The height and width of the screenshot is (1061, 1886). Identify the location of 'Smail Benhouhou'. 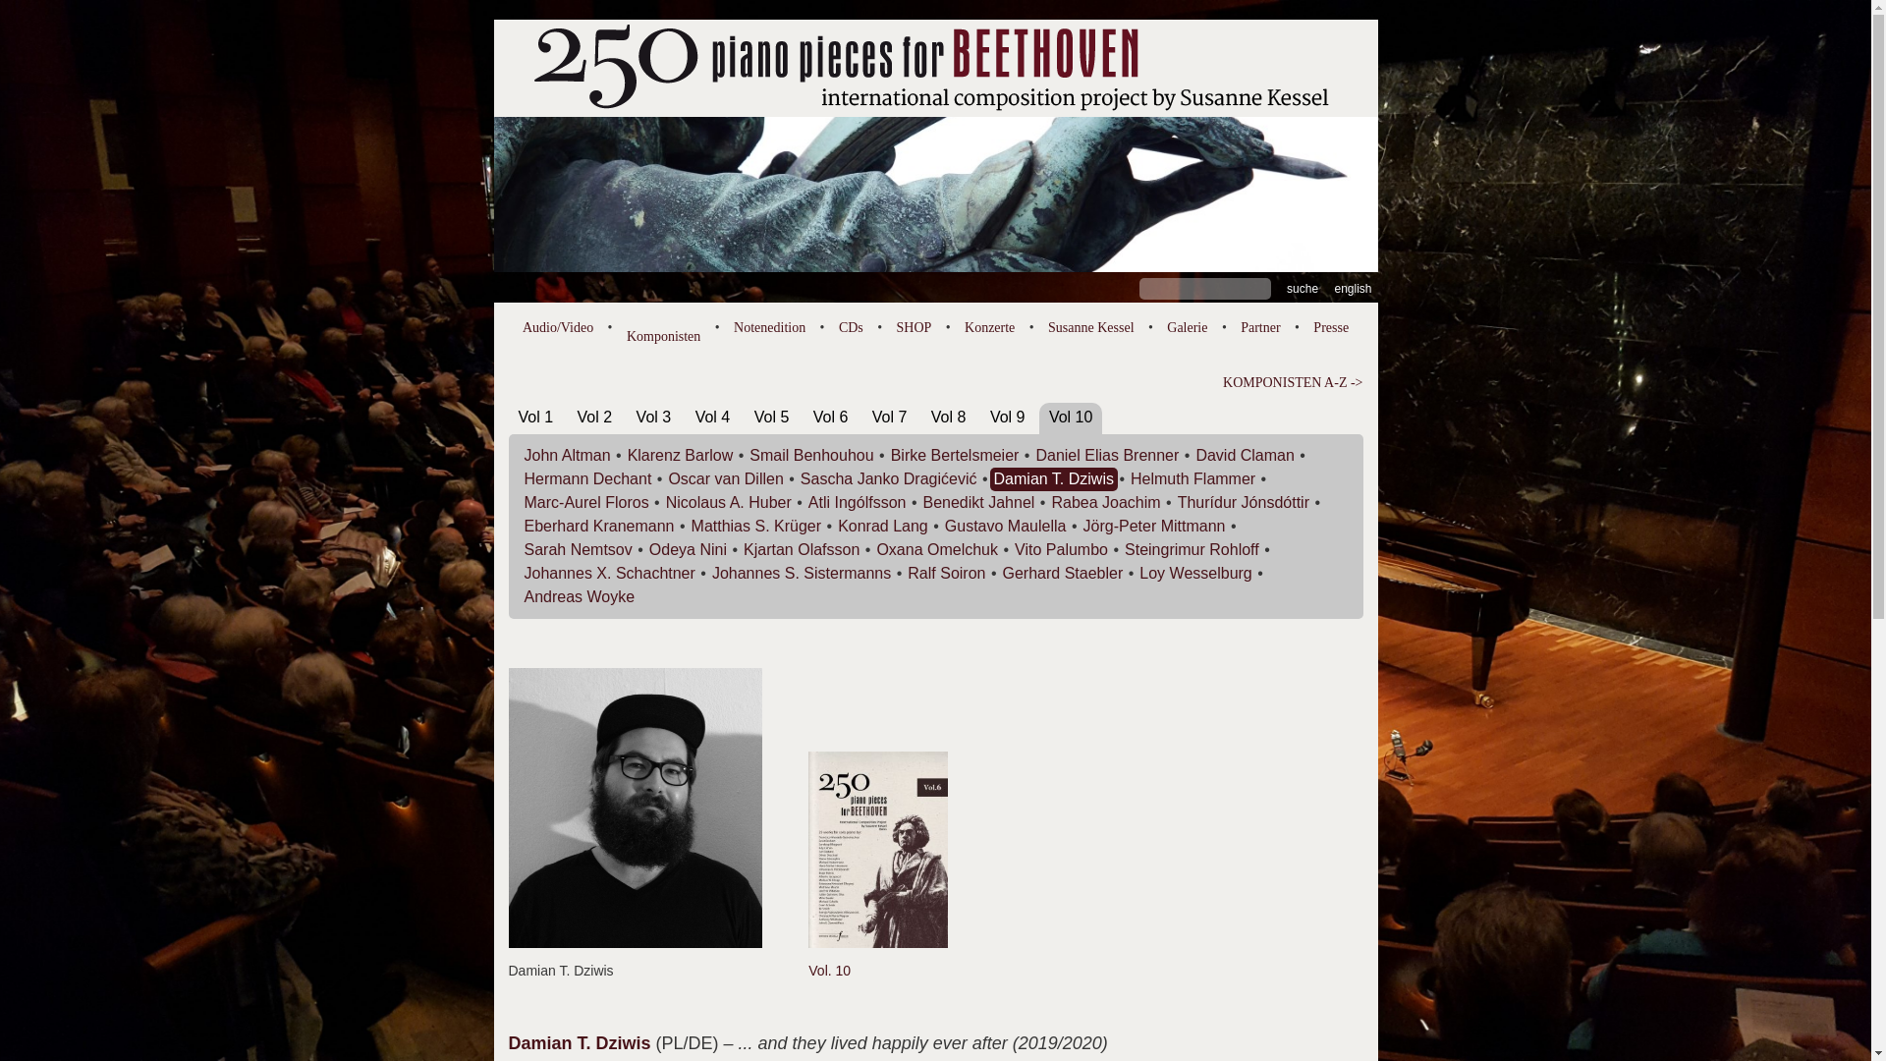
(749, 455).